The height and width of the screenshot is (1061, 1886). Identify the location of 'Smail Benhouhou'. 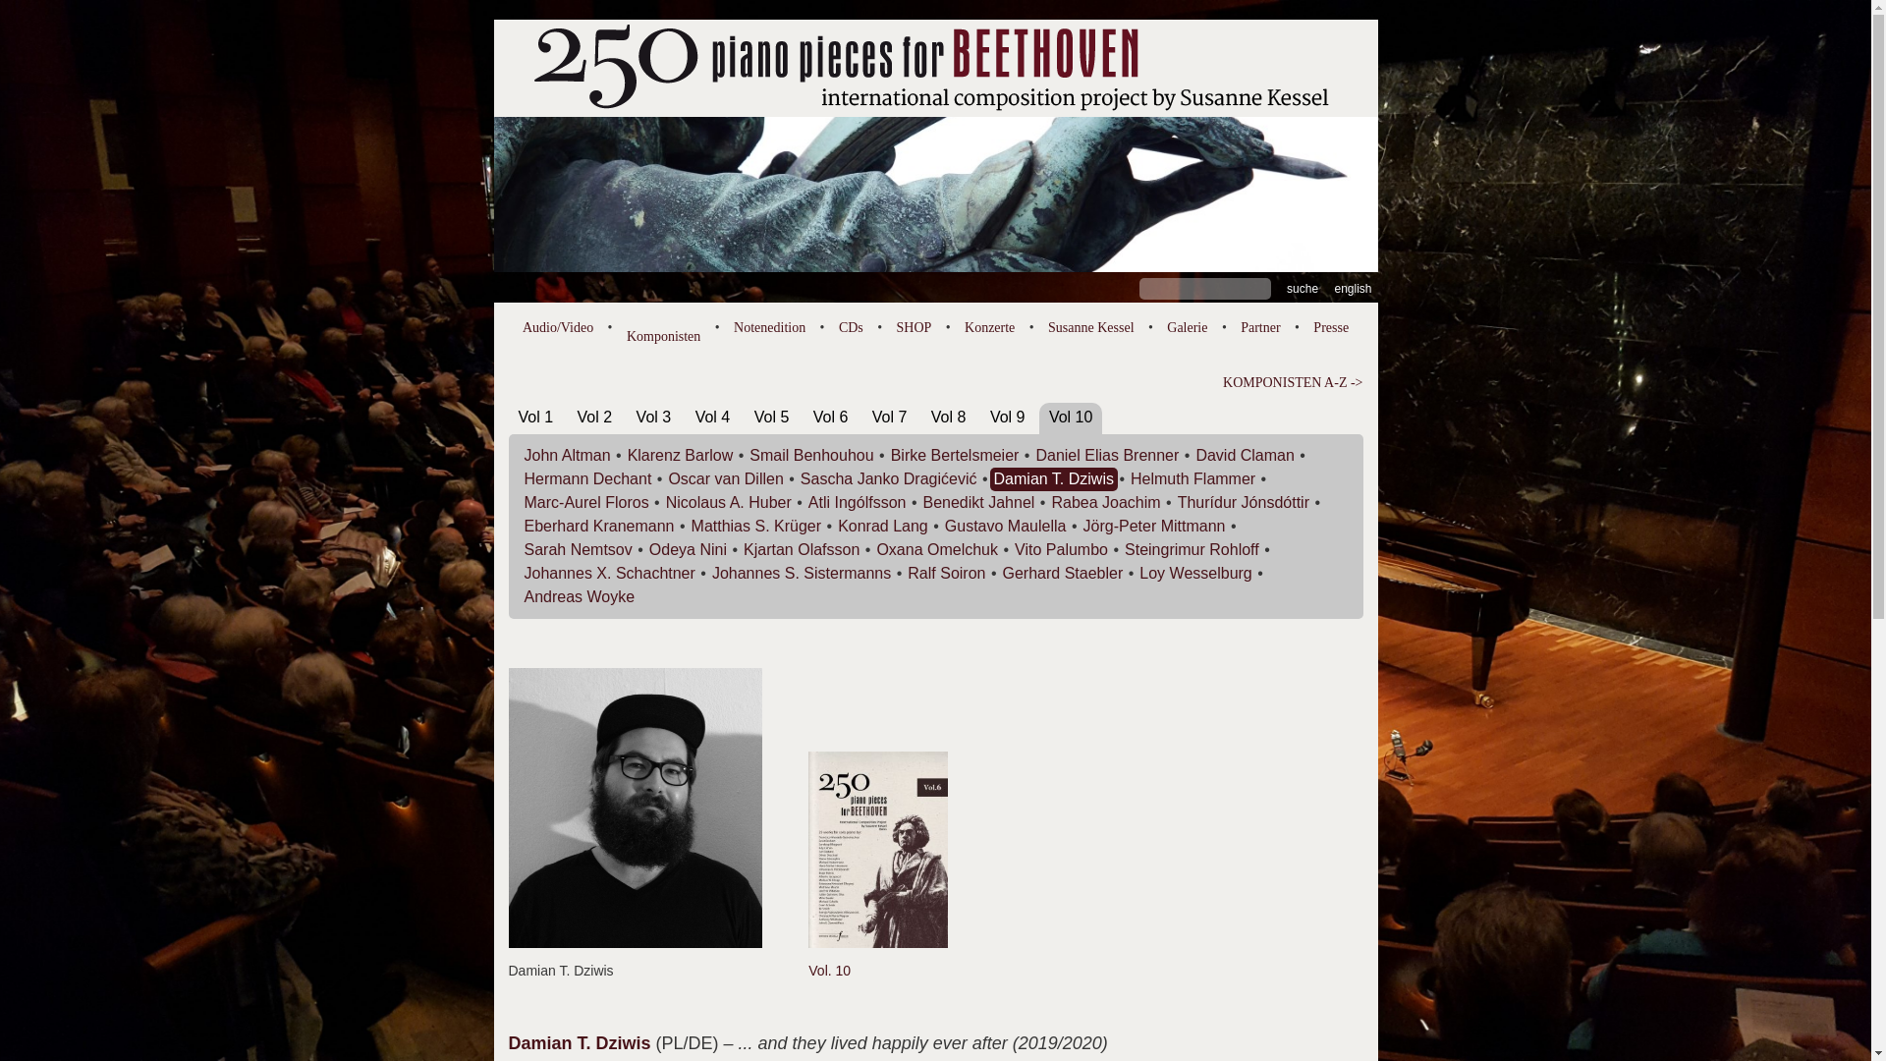
(749, 455).